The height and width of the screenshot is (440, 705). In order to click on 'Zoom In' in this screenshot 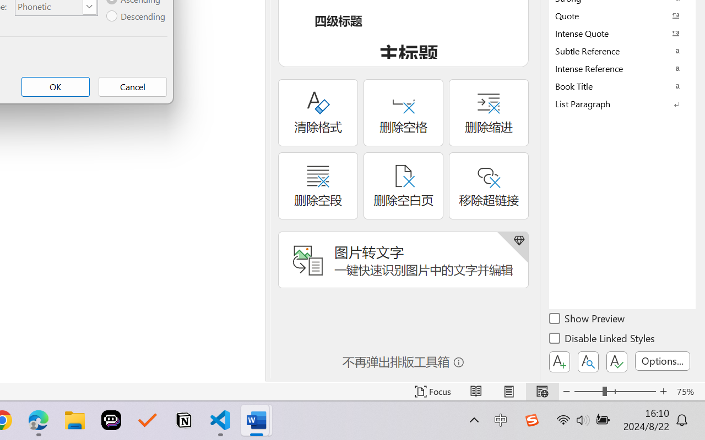, I will do `click(663, 391)`.